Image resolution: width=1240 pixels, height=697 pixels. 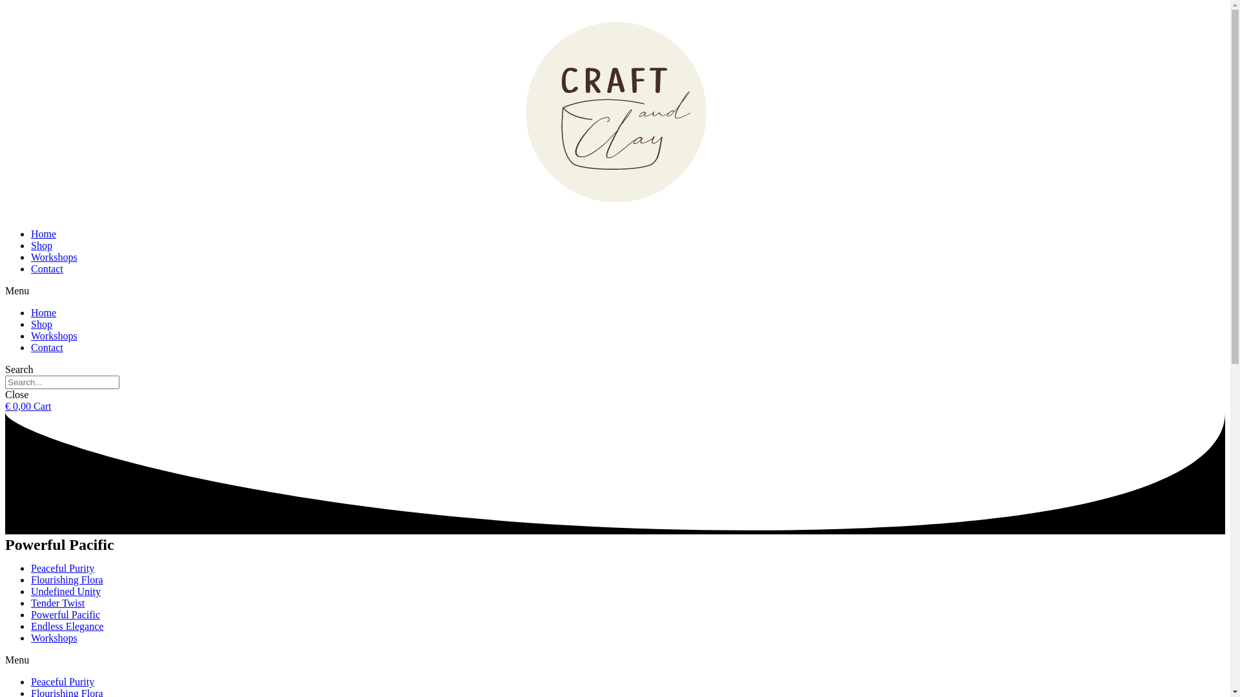 What do you see at coordinates (53, 257) in the screenshot?
I see `'Workshops'` at bounding box center [53, 257].